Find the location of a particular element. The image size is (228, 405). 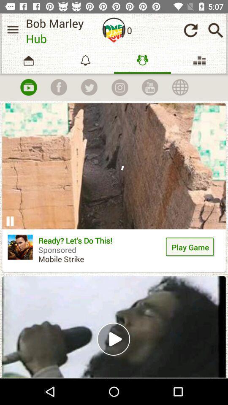

instagram is located at coordinates (119, 87).